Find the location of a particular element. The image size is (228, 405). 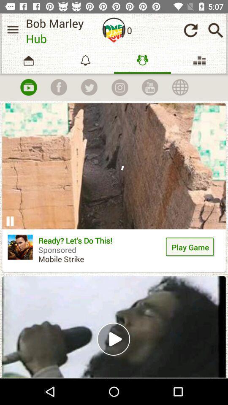

instagram is located at coordinates (119, 87).